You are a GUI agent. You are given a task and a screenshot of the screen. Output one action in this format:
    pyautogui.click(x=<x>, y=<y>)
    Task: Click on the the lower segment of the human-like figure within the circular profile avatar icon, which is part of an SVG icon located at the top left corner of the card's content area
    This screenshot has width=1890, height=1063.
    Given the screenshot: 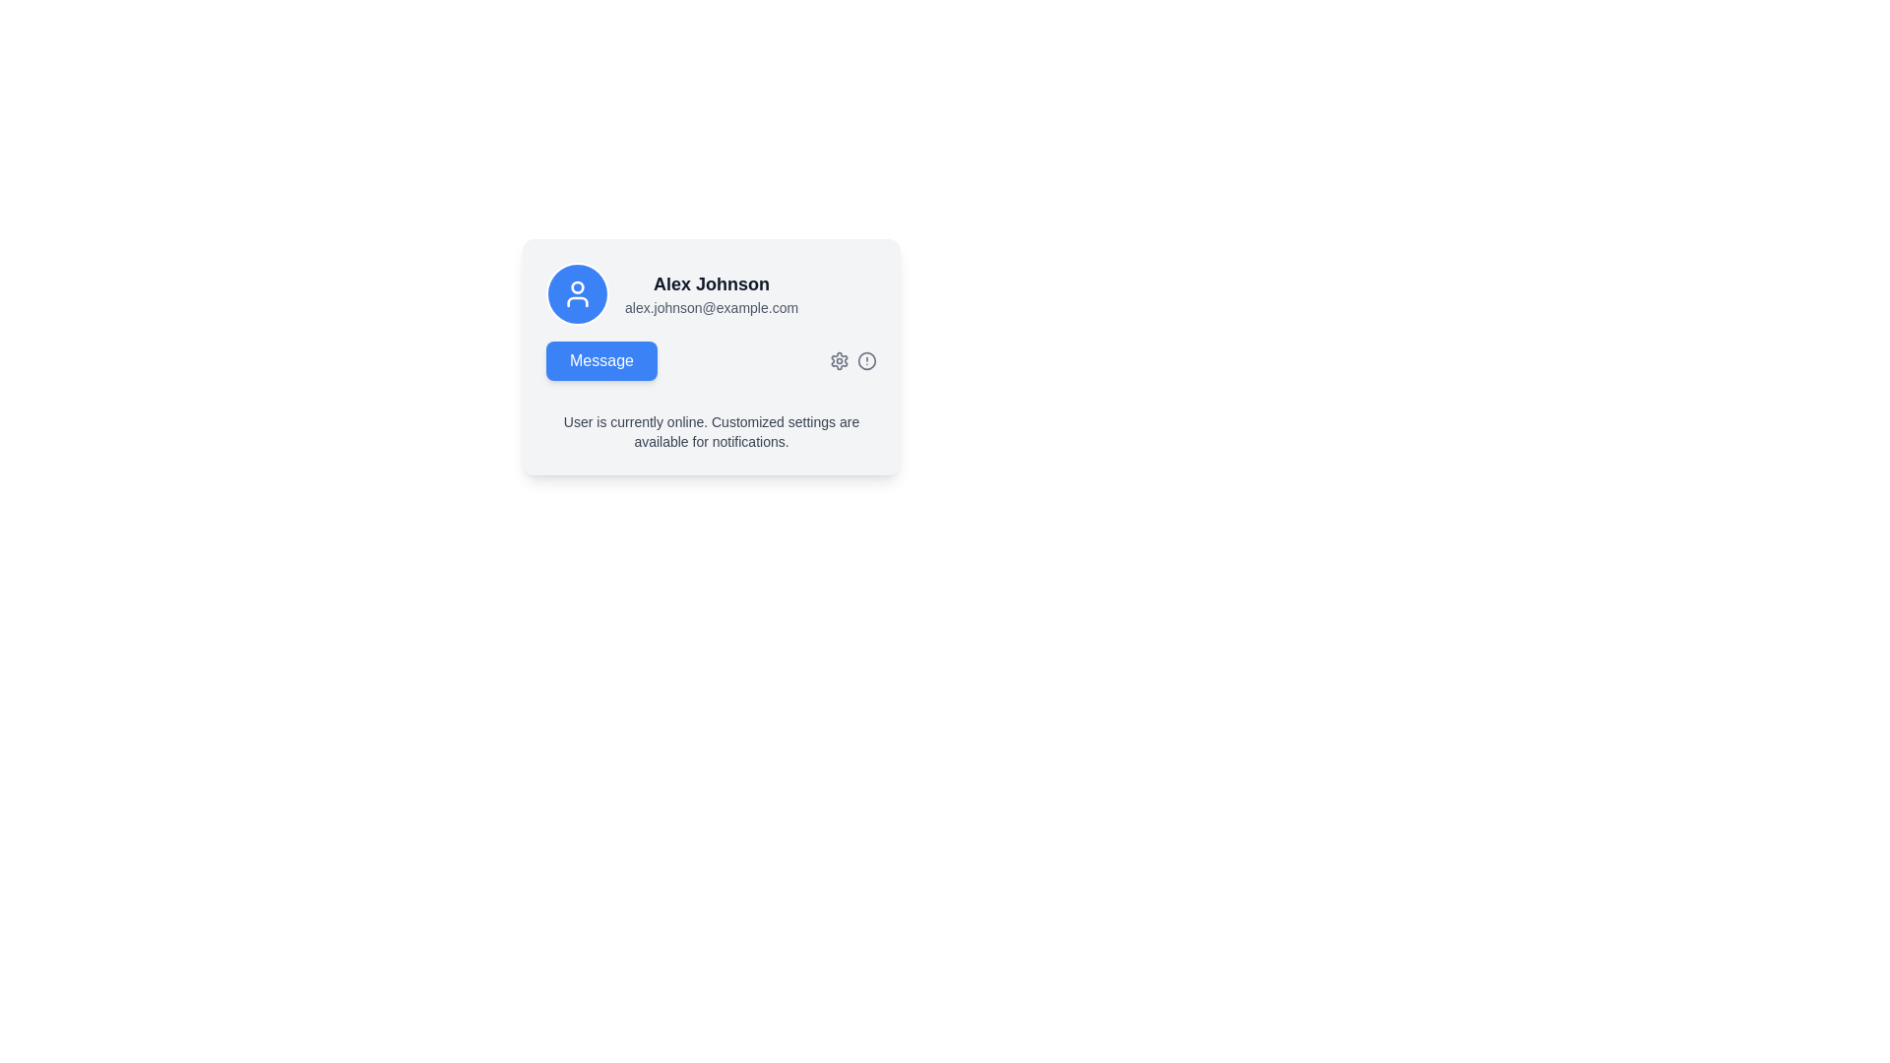 What is the action you would take?
    pyautogui.click(x=576, y=302)
    